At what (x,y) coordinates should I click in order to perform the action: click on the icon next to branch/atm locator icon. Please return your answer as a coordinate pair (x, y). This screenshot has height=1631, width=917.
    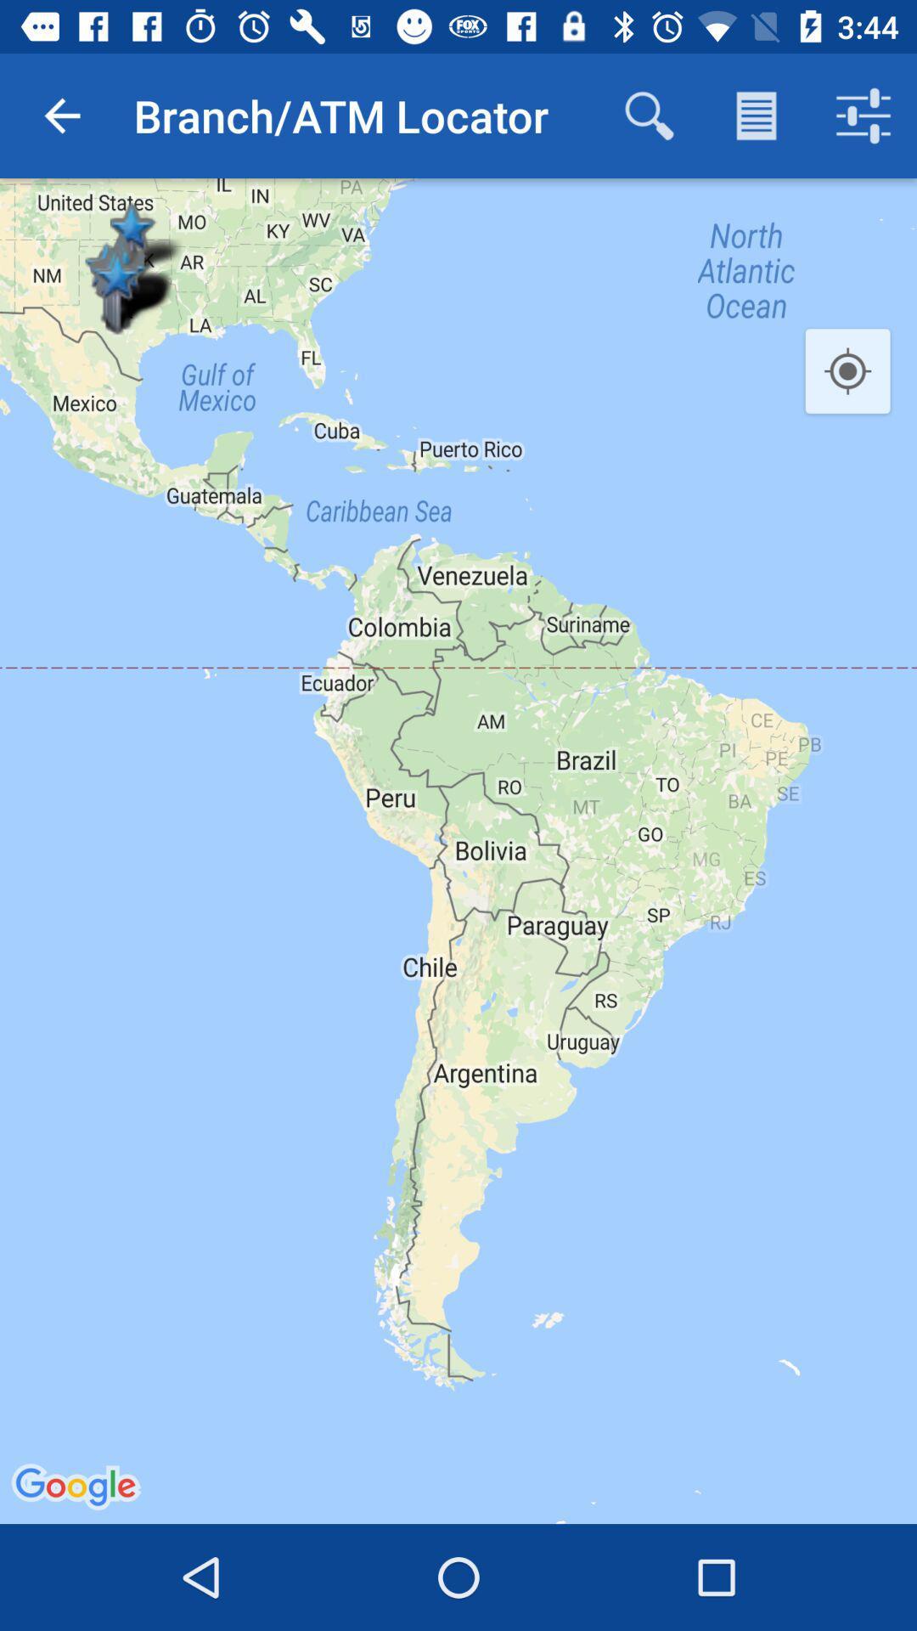
    Looking at the image, I should click on (61, 115).